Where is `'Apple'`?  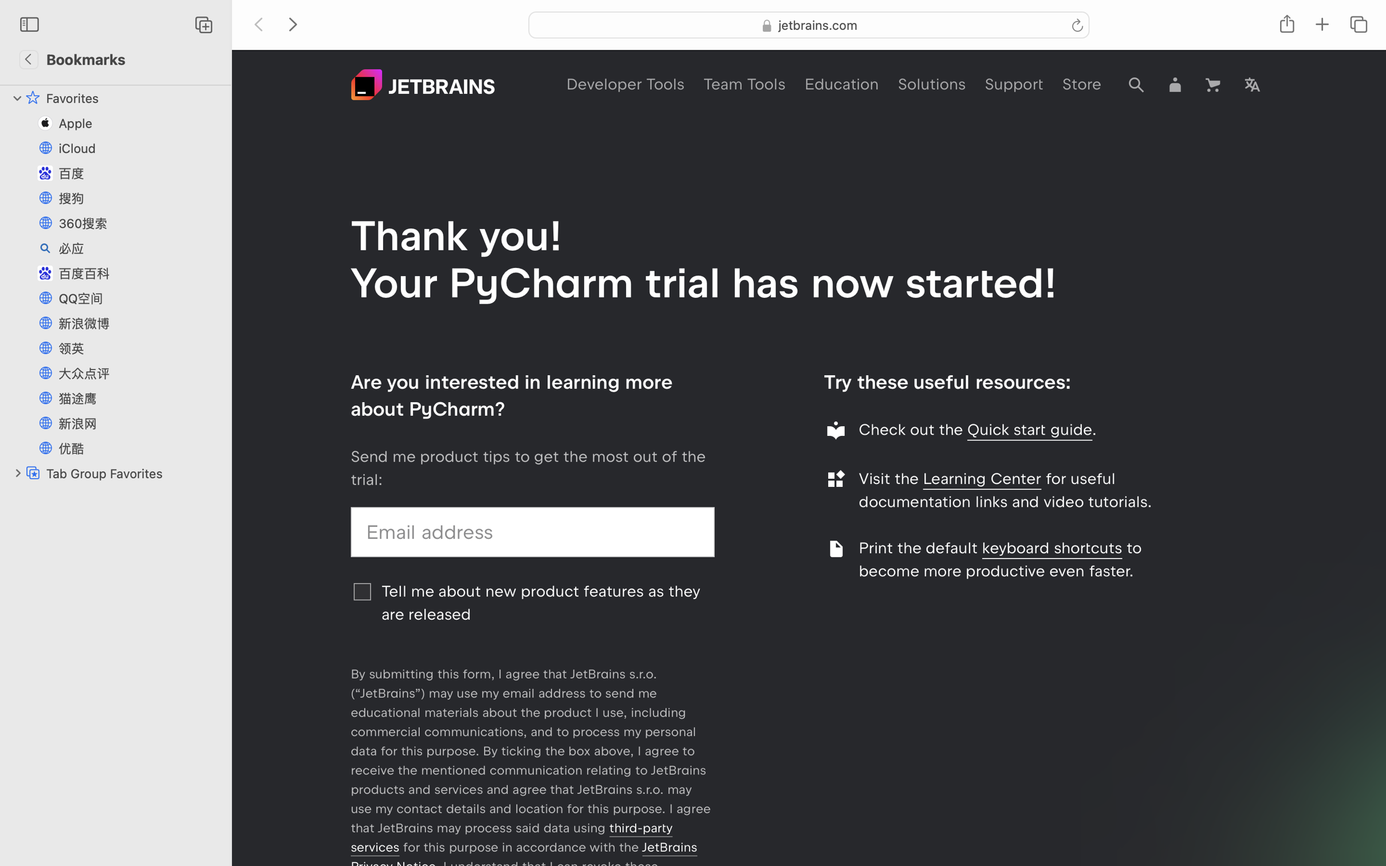 'Apple' is located at coordinates (140, 122).